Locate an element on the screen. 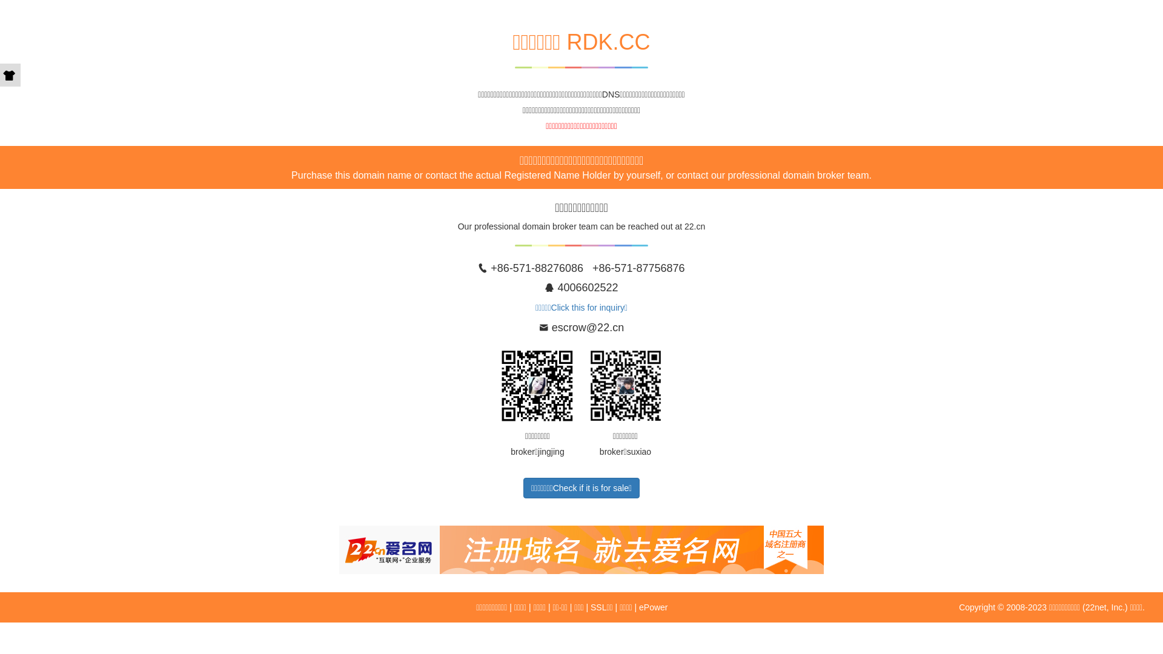 The image size is (1163, 654). 'ePower' is located at coordinates (652, 607).